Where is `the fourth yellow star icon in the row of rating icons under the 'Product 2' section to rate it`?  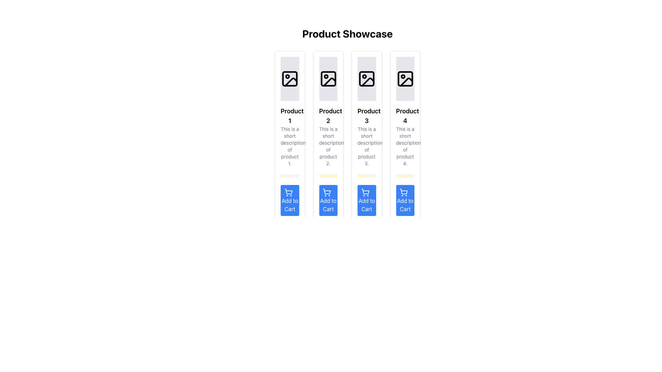
the fourth yellow star icon in the row of rating icons under the 'Product 2' section to rate it is located at coordinates (328, 175).